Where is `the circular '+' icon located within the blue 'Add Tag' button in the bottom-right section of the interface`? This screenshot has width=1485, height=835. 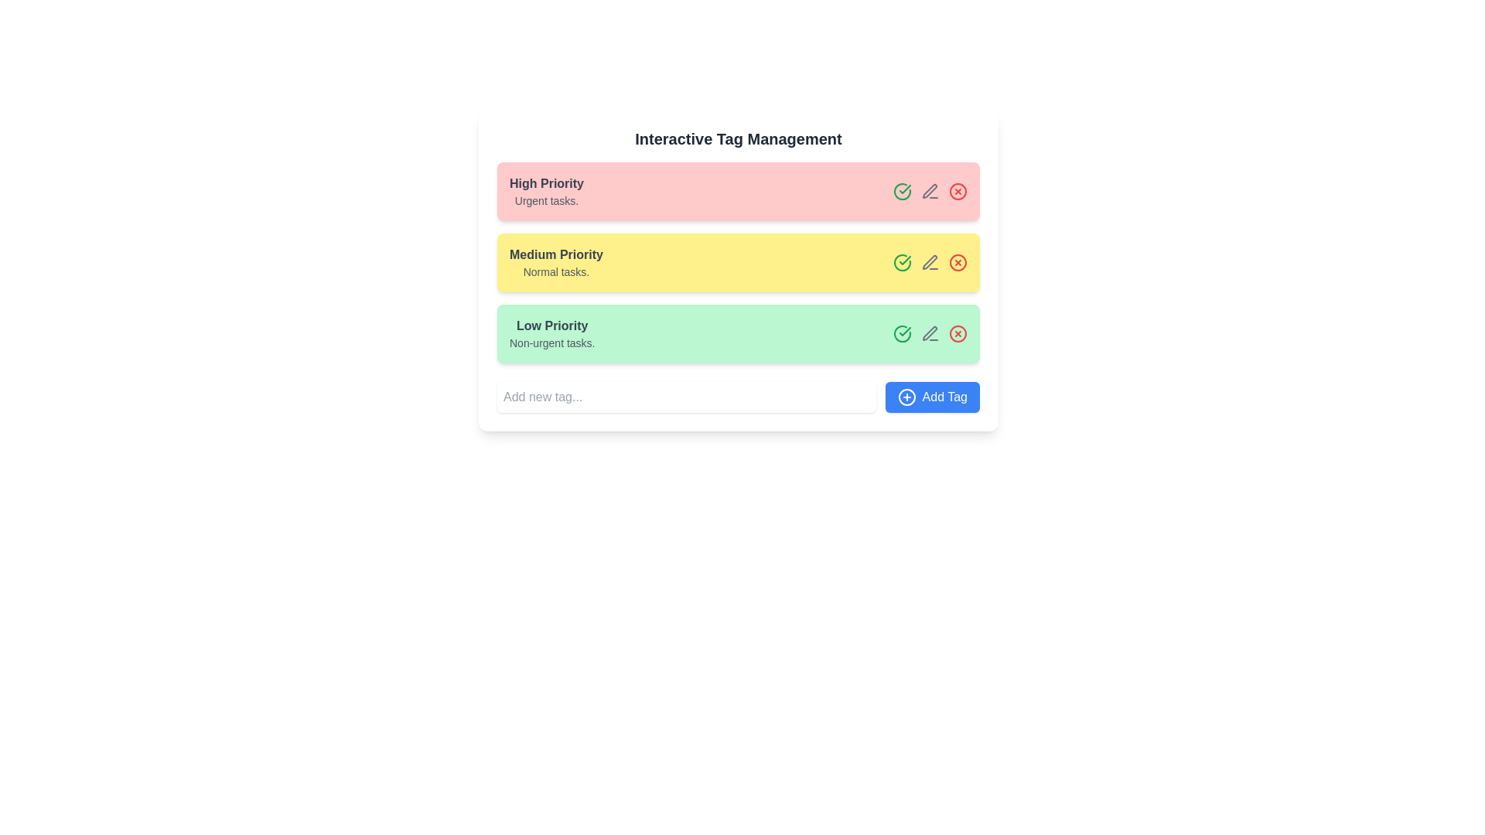 the circular '+' icon located within the blue 'Add Tag' button in the bottom-right section of the interface is located at coordinates (906, 396).